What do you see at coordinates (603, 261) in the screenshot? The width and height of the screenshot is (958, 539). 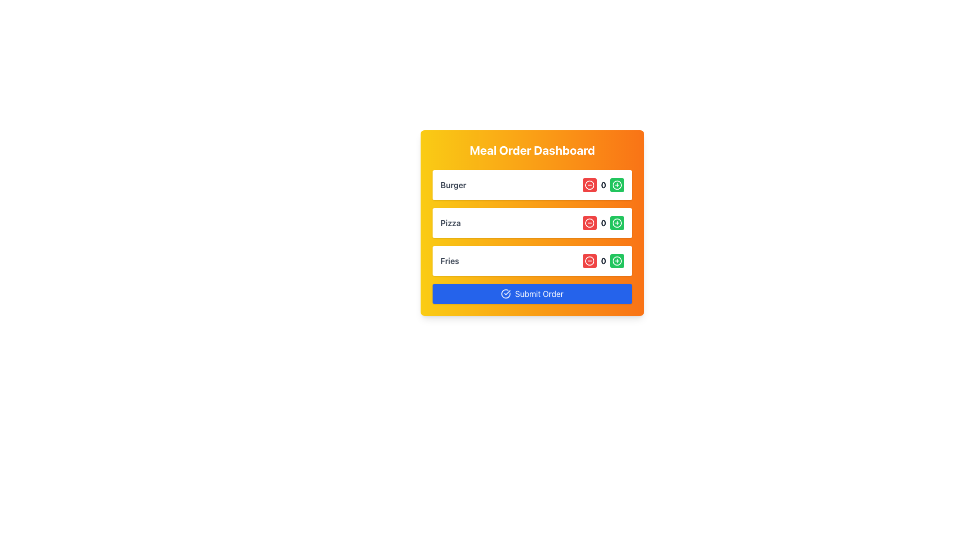 I see `the Static Text Label displaying the current counter value, which shows the numeral '0' in the Meal Order Dashboard interface, located between the red minus button and the green plus button` at bounding box center [603, 261].